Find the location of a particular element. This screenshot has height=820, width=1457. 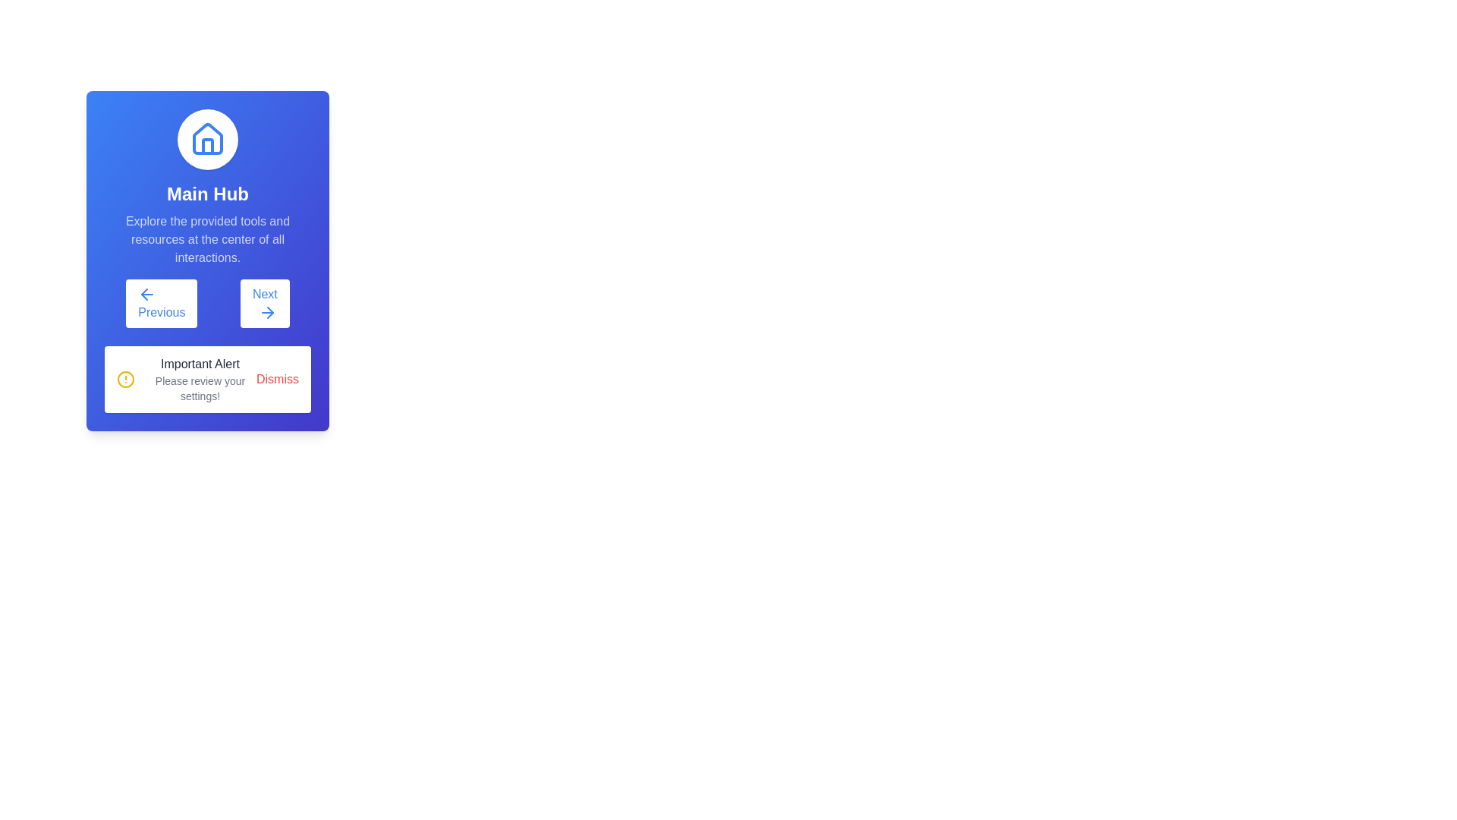

the graphical arrow icon representing the 'Next' button, which is located to the right of the 'Next' text, indicating forward navigation is located at coordinates (270, 312).